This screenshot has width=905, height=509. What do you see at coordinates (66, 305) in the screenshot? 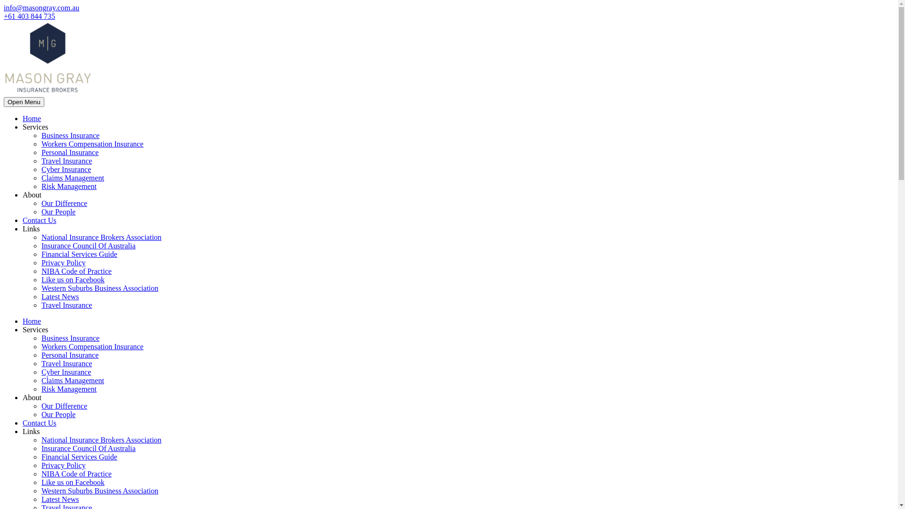
I see `'Travel Insurance'` at bounding box center [66, 305].